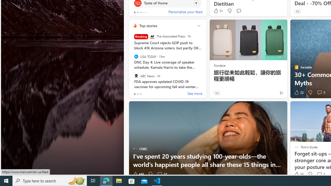  I want to click on 'View comments 5 Comment', so click(319, 92).